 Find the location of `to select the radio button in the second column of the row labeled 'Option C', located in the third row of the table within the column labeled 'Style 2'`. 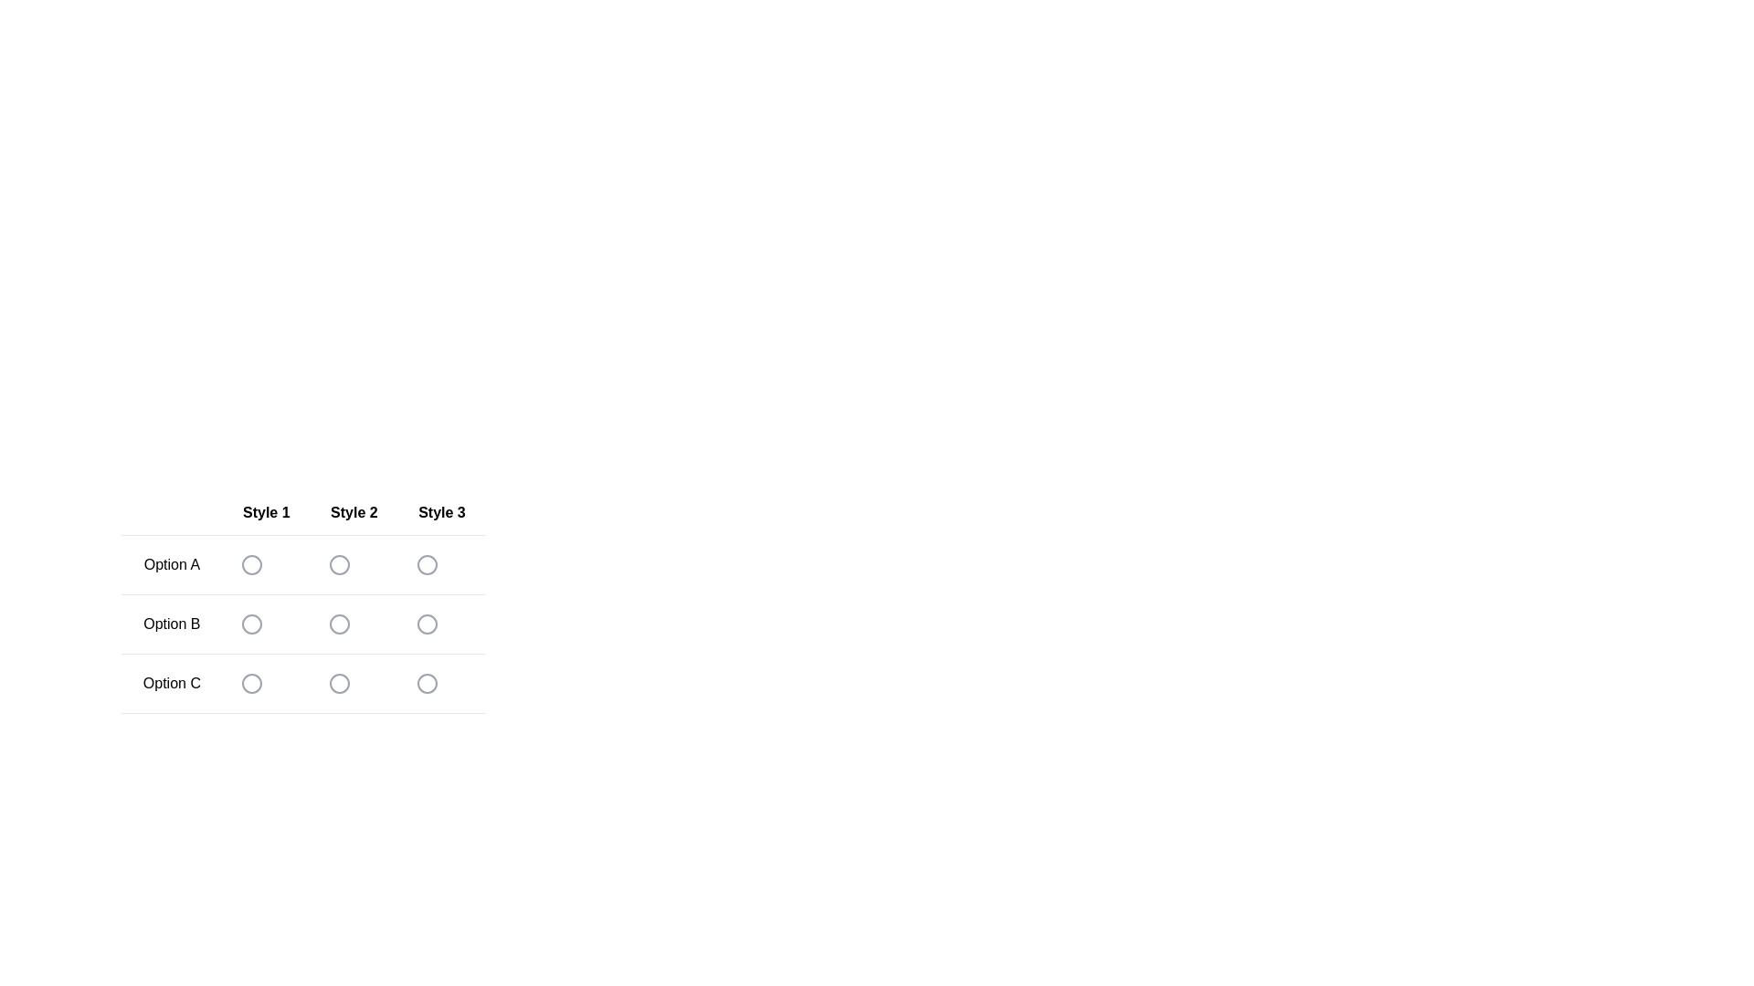

to select the radio button in the second column of the row labeled 'Option C', located in the third row of the table within the column labeled 'Style 2' is located at coordinates (354, 683).